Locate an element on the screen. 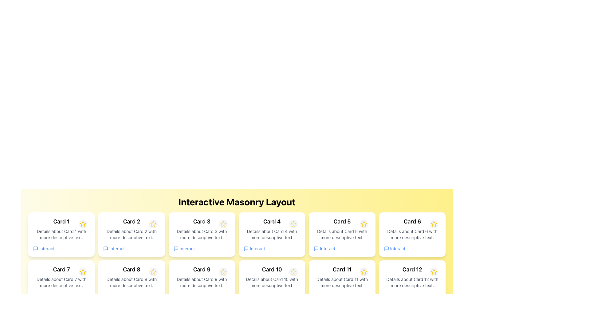  the decorative marker icon located to the right of the title text 'Card 9' within its respective card in the grid layout is located at coordinates (223, 271).